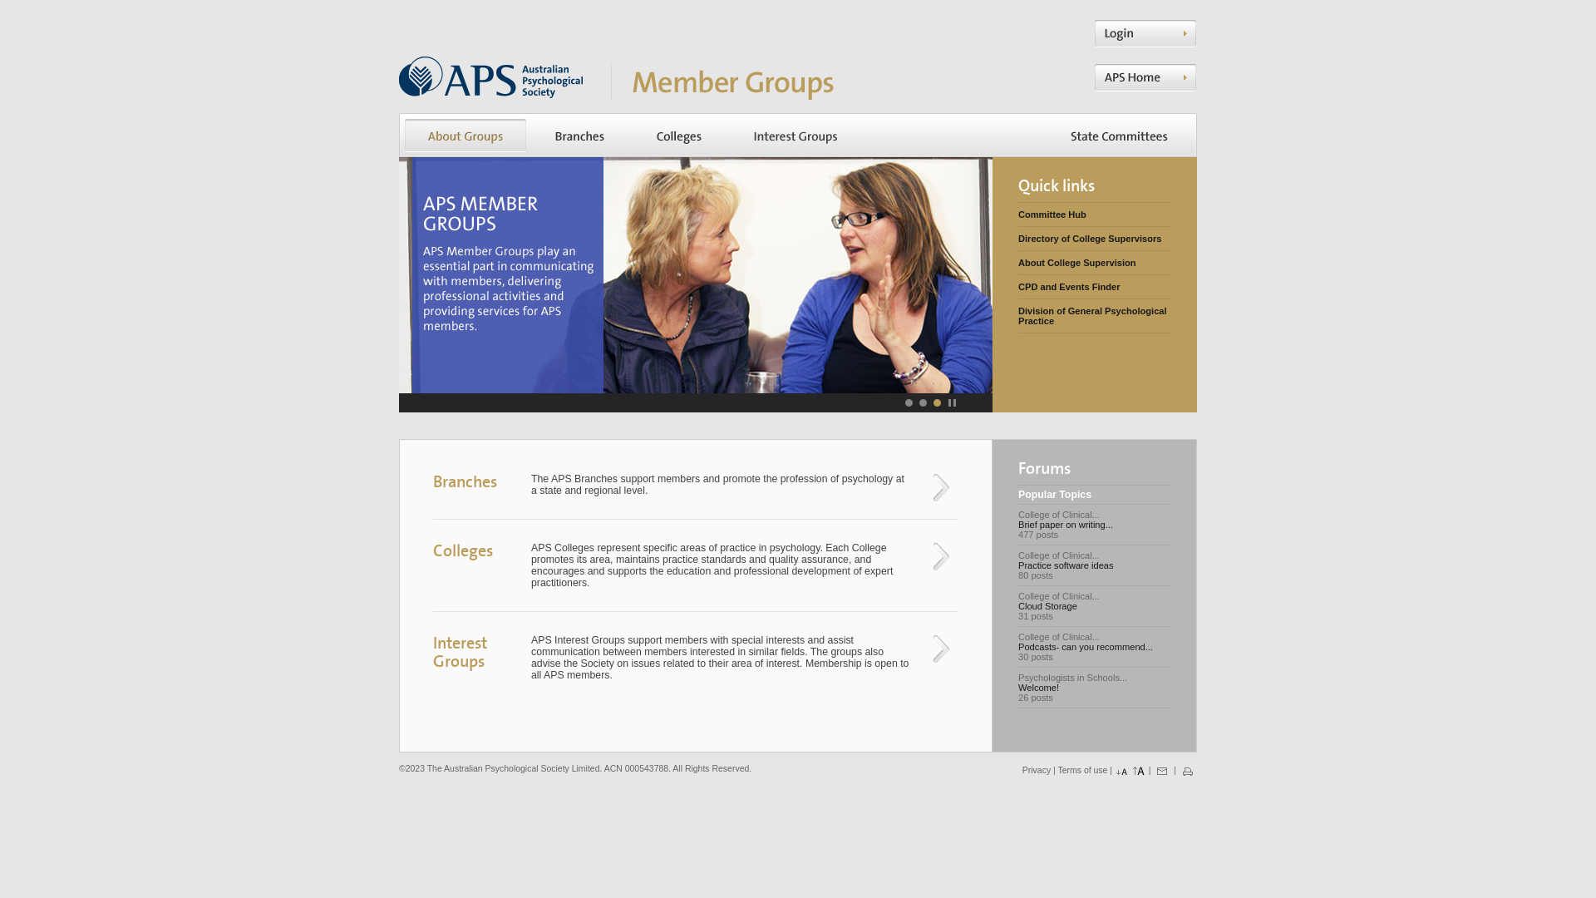  I want to click on 'College of Clinical..., so click(1094, 564).